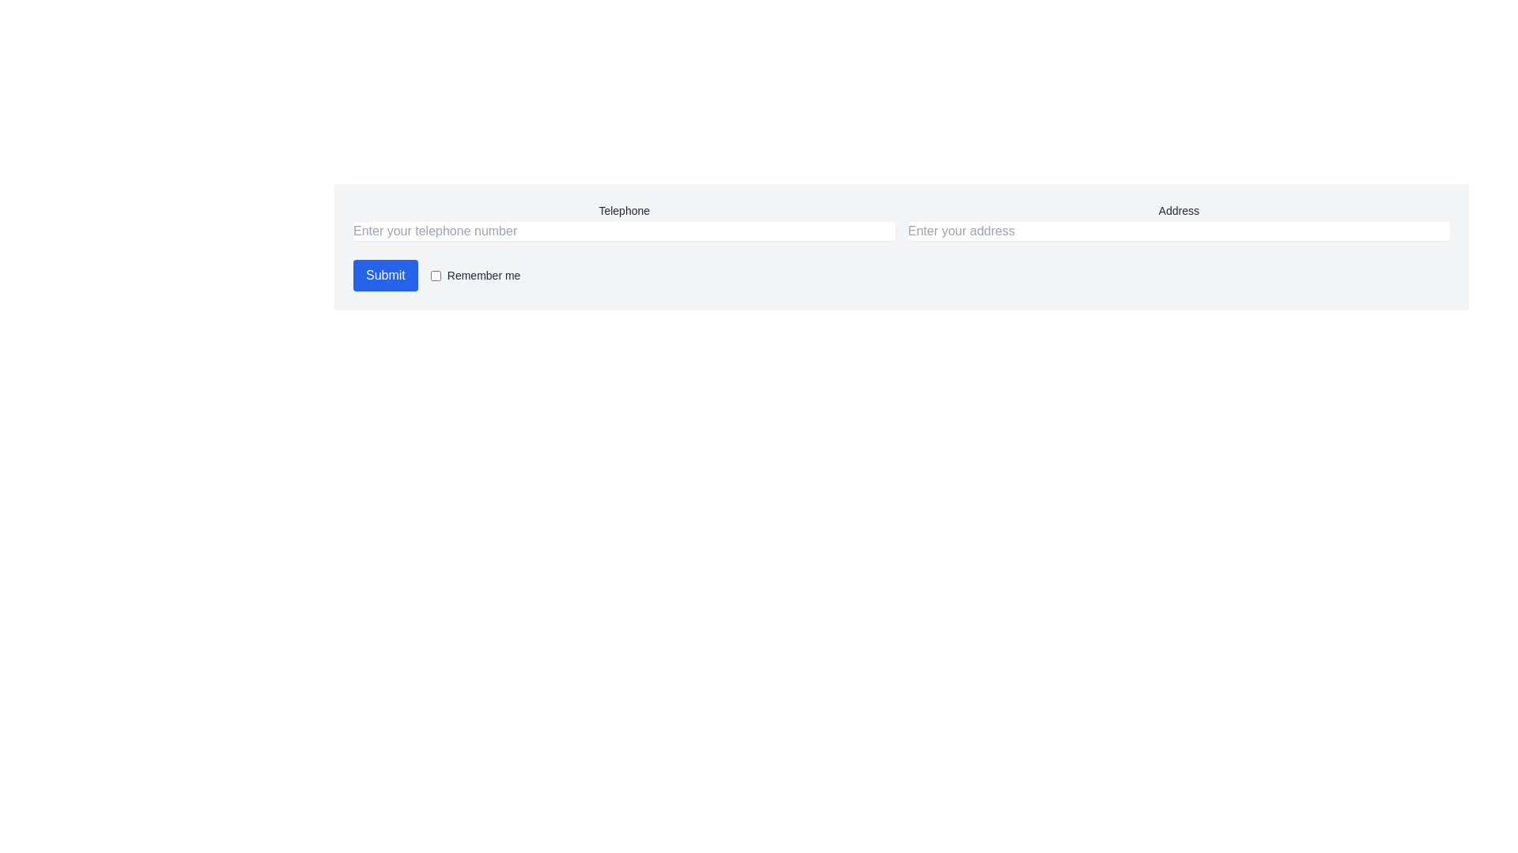 The width and height of the screenshot is (1518, 853). What do you see at coordinates (385, 274) in the screenshot?
I see `the blue 'Submit' button with white text` at bounding box center [385, 274].